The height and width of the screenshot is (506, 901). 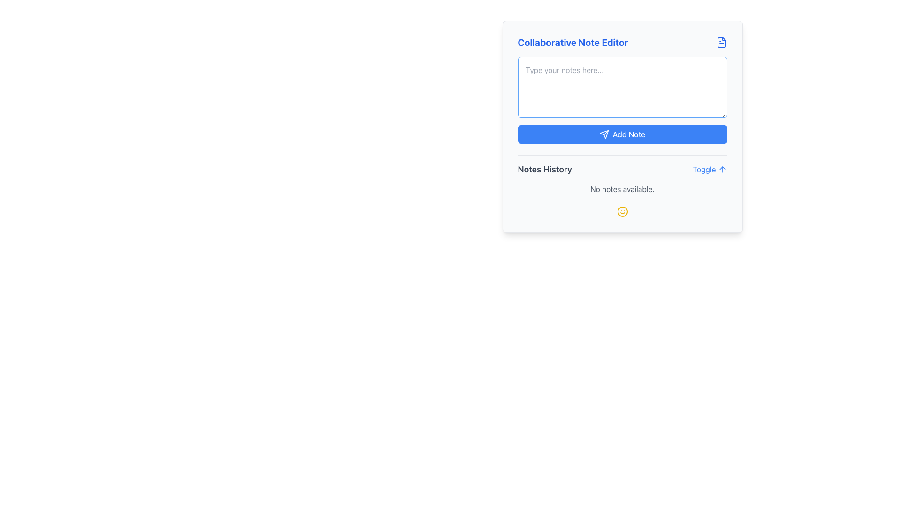 I want to click on the circular icon with a yellow border and a smiling face located at the bottom-center of the Collaborative Note Editor, below the text 'No notes available.', so click(x=622, y=211).